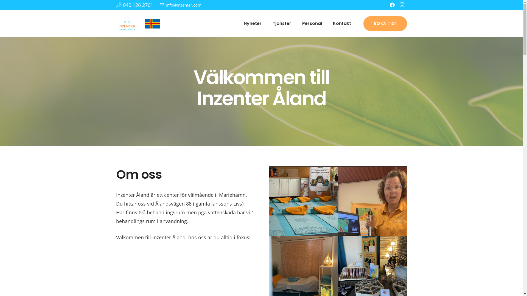 The width and height of the screenshot is (527, 296). I want to click on 'Instagram', so click(402, 5).